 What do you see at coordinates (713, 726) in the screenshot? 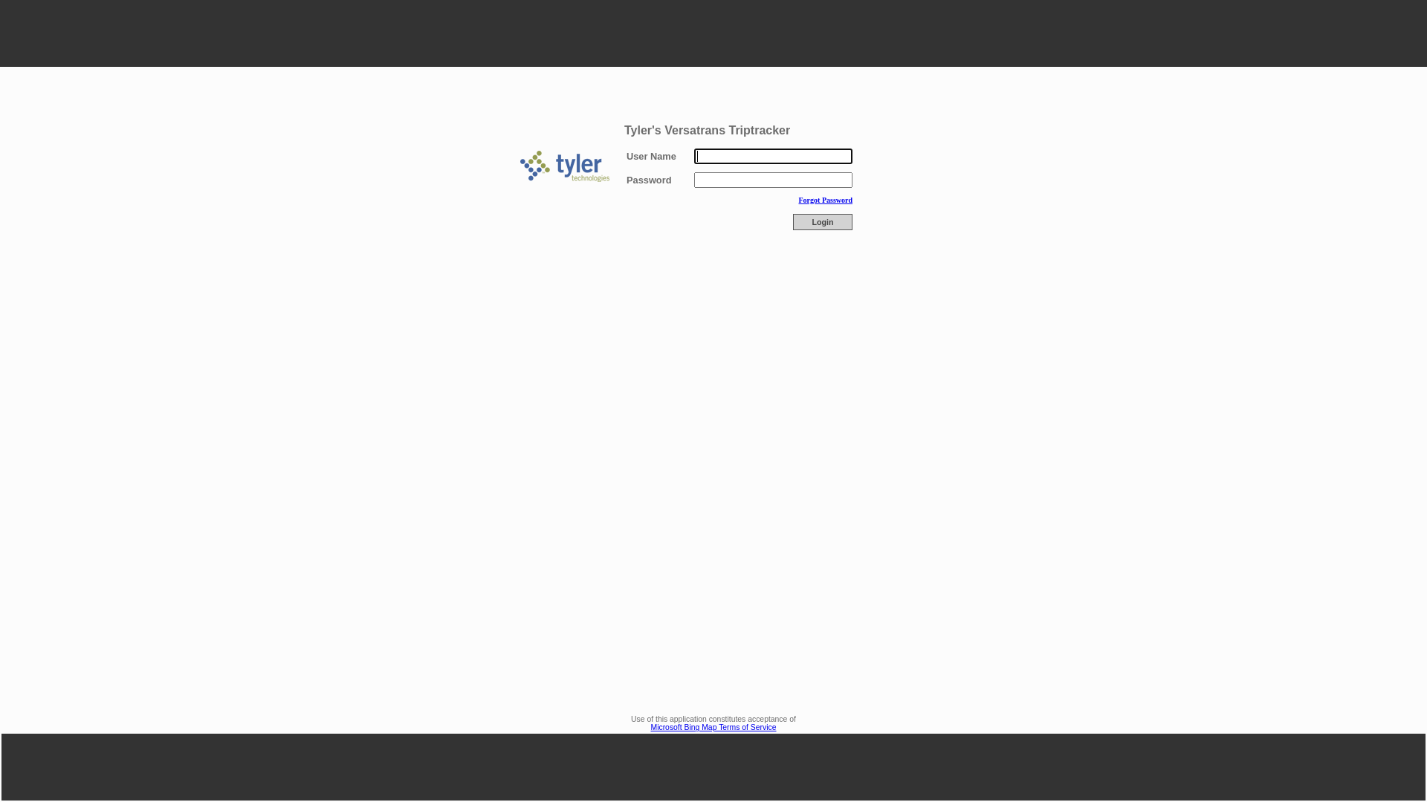
I see `'Microsoft Bing Map Terms of Service'` at bounding box center [713, 726].